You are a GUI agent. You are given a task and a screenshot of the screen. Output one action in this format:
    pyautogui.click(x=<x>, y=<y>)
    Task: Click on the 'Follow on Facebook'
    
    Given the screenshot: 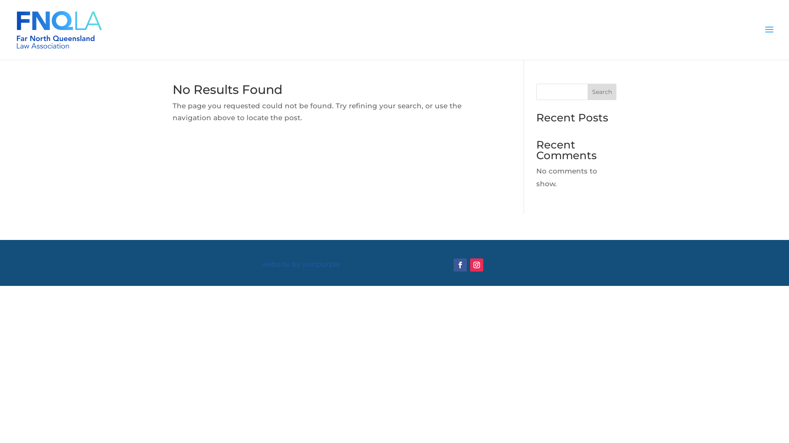 What is the action you would take?
    pyautogui.click(x=459, y=265)
    